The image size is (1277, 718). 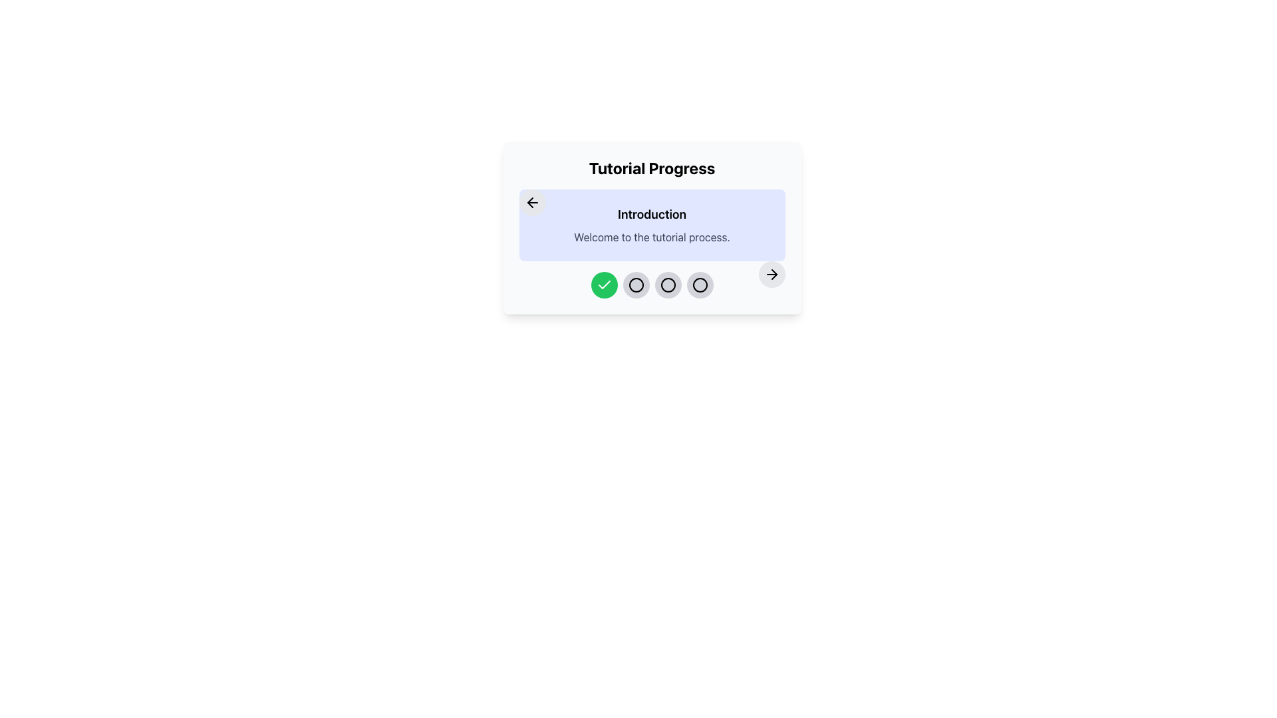 I want to click on the completed step icon, which is the first circular icon in the row of icons at the bottom of the 'Tutorial Progress' card, so click(x=603, y=284).